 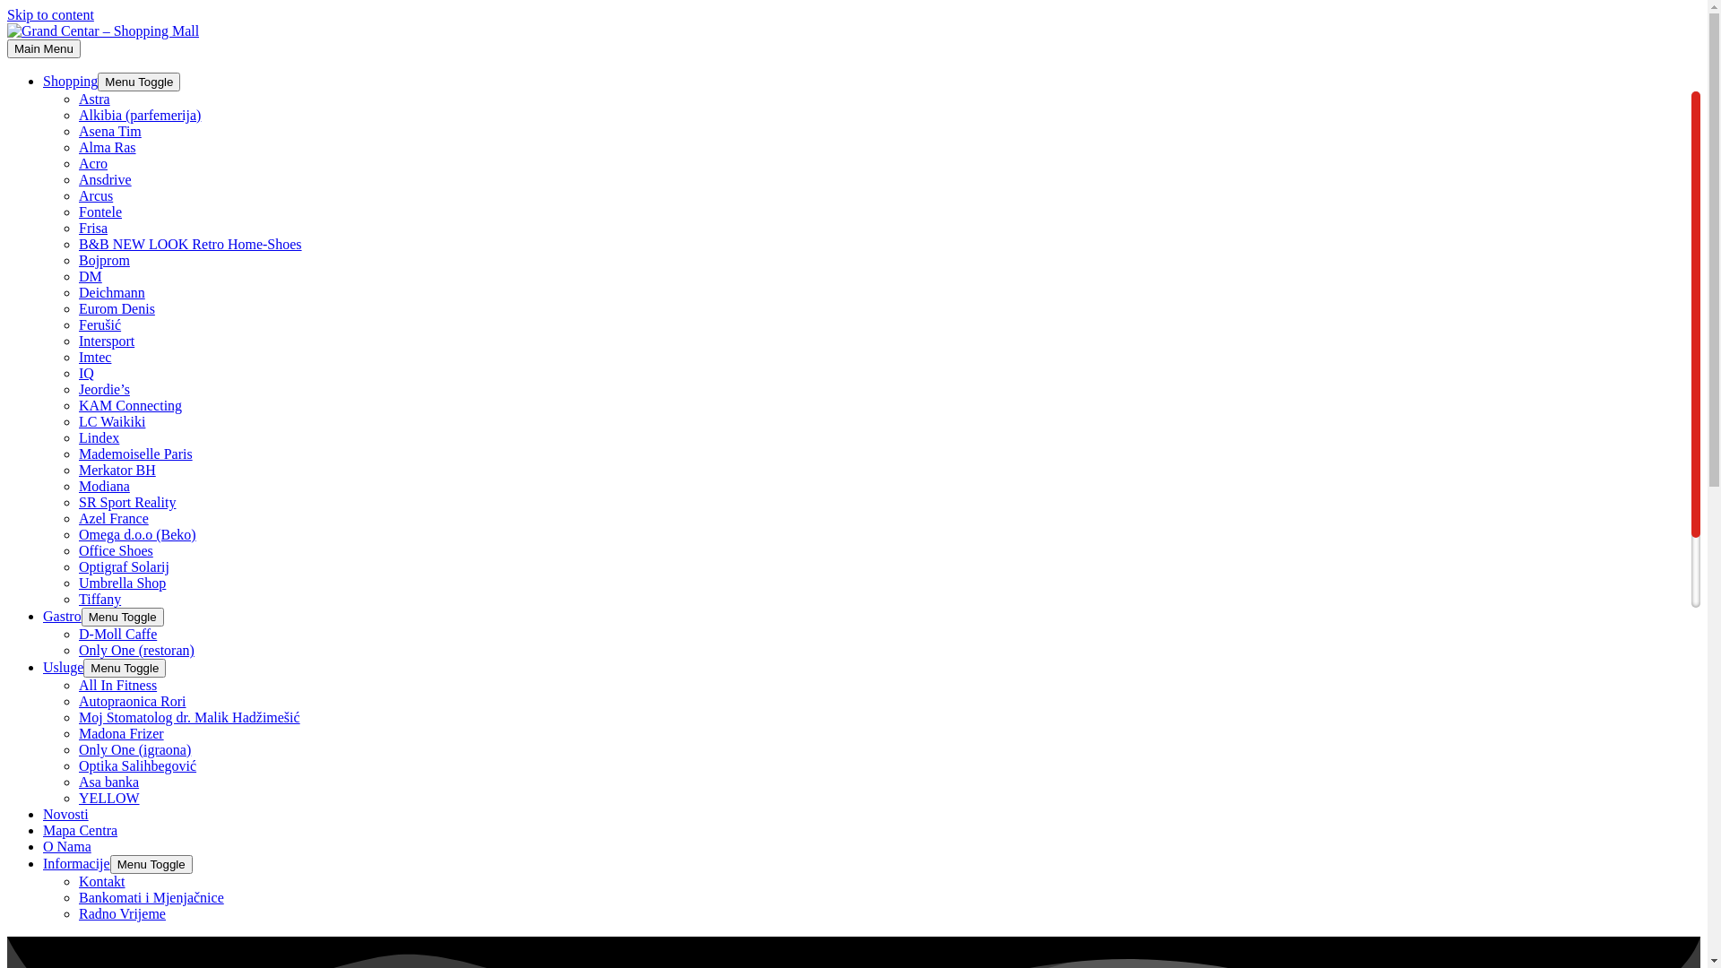 What do you see at coordinates (77, 518) in the screenshot?
I see `'Azel France'` at bounding box center [77, 518].